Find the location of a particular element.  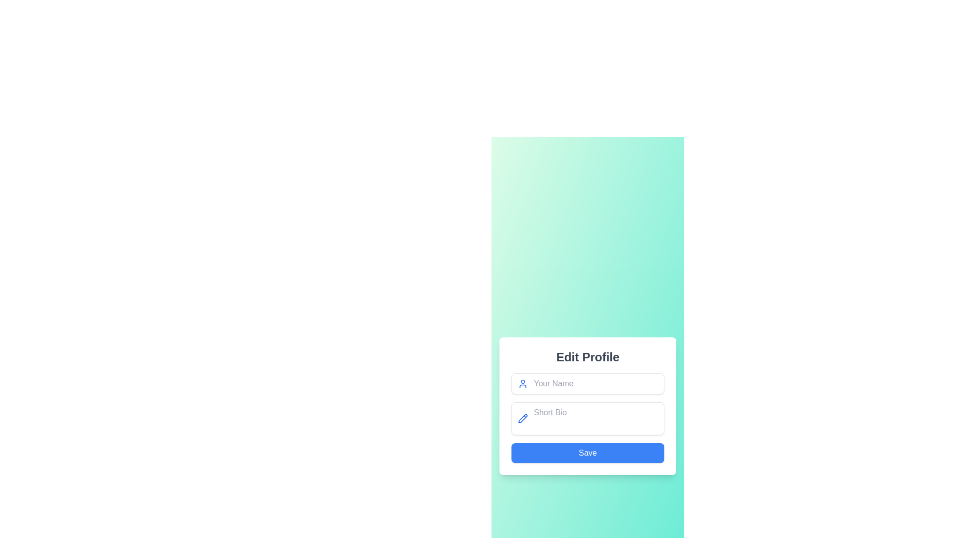

the thin, oblique shape resembling part of a pencil icon with a blue outline, located immediately to the left of the 'Short Bio' input field in the 'Edit Profile' form is located at coordinates (522, 418).